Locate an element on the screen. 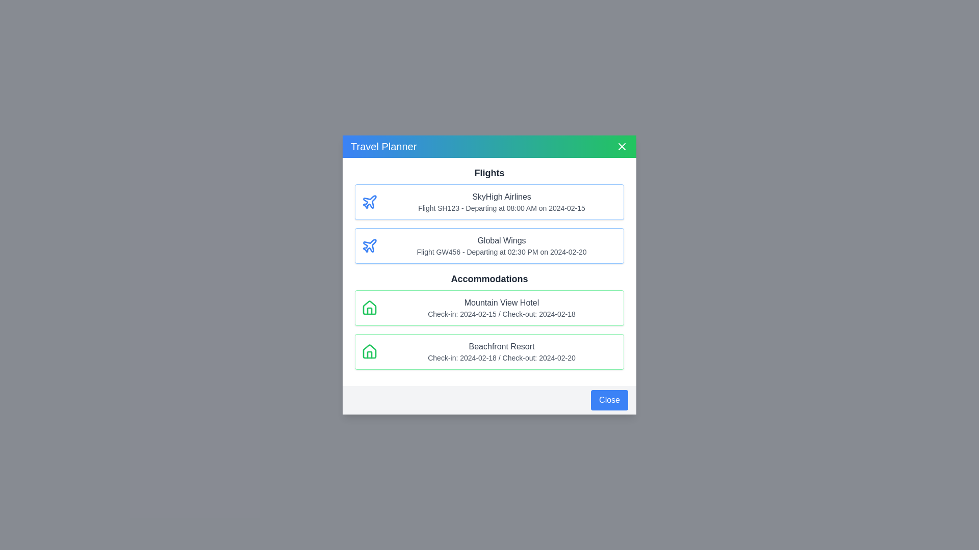  the close button represented by an 'X' icon with a modern outline over a green background, located in the top-right corner of the 'Travel Planner' modal is located at coordinates (621, 147).